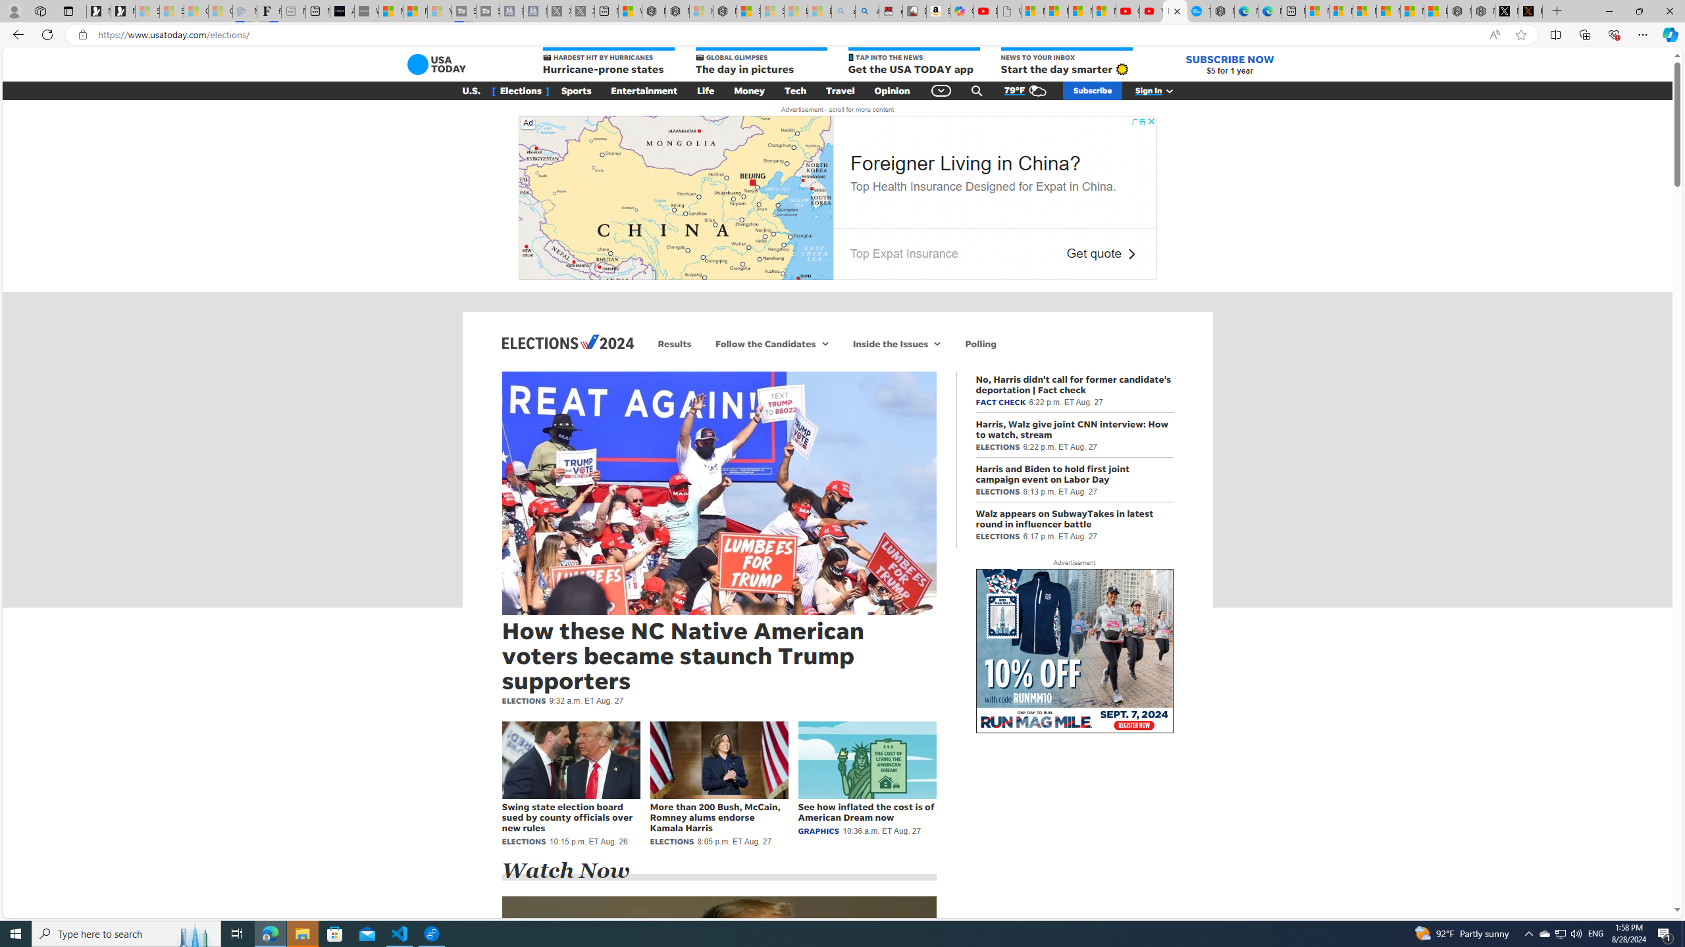 This screenshot has height=947, width=1685. Describe the element at coordinates (889, 343) in the screenshot. I see `'Inside the Issues'` at that location.